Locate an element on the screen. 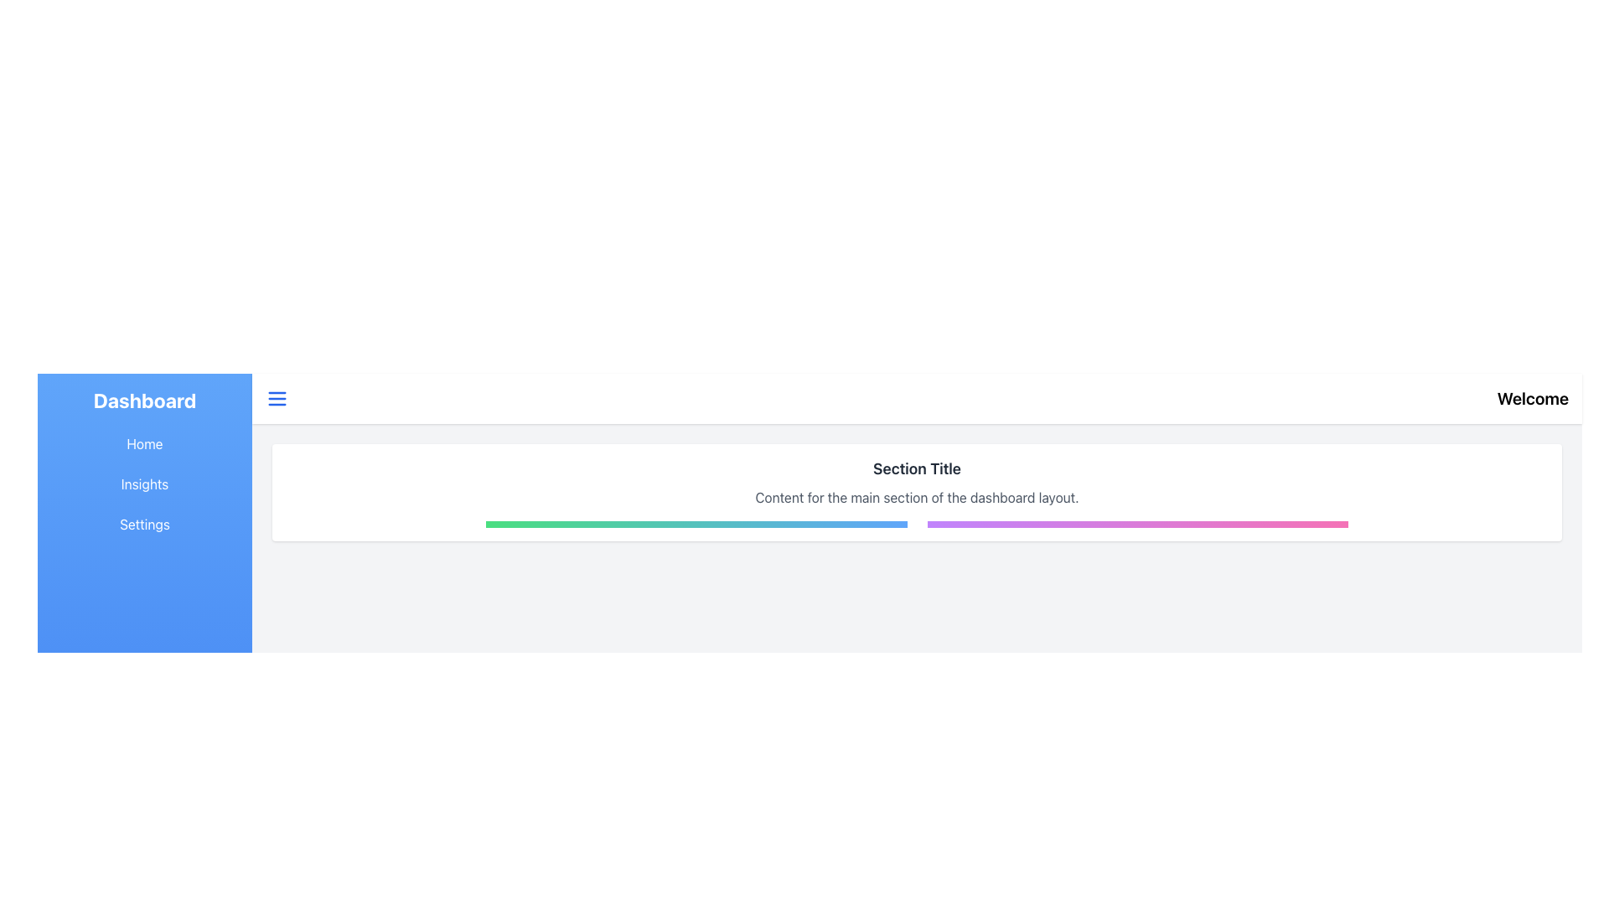  the leftmost progress bar in the horizontal row, which visually complements its sibling bar displaying a gradient from purple to pink is located at coordinates (696, 523).